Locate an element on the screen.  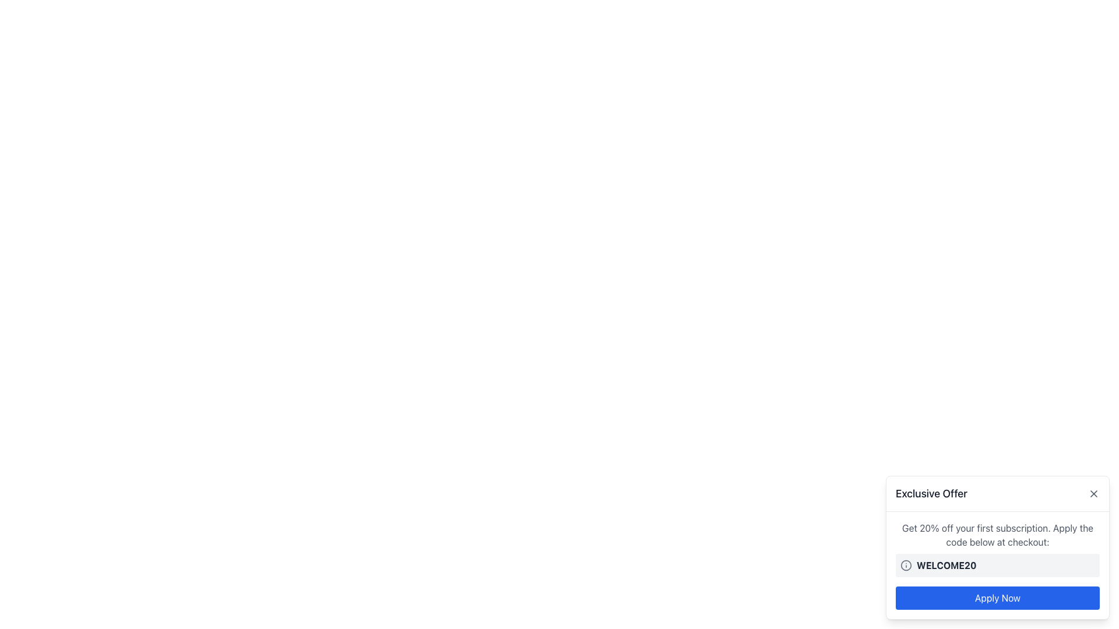
the promotional code application button located at the bottom of the offer panel to observe style changes is located at coordinates (997, 598).